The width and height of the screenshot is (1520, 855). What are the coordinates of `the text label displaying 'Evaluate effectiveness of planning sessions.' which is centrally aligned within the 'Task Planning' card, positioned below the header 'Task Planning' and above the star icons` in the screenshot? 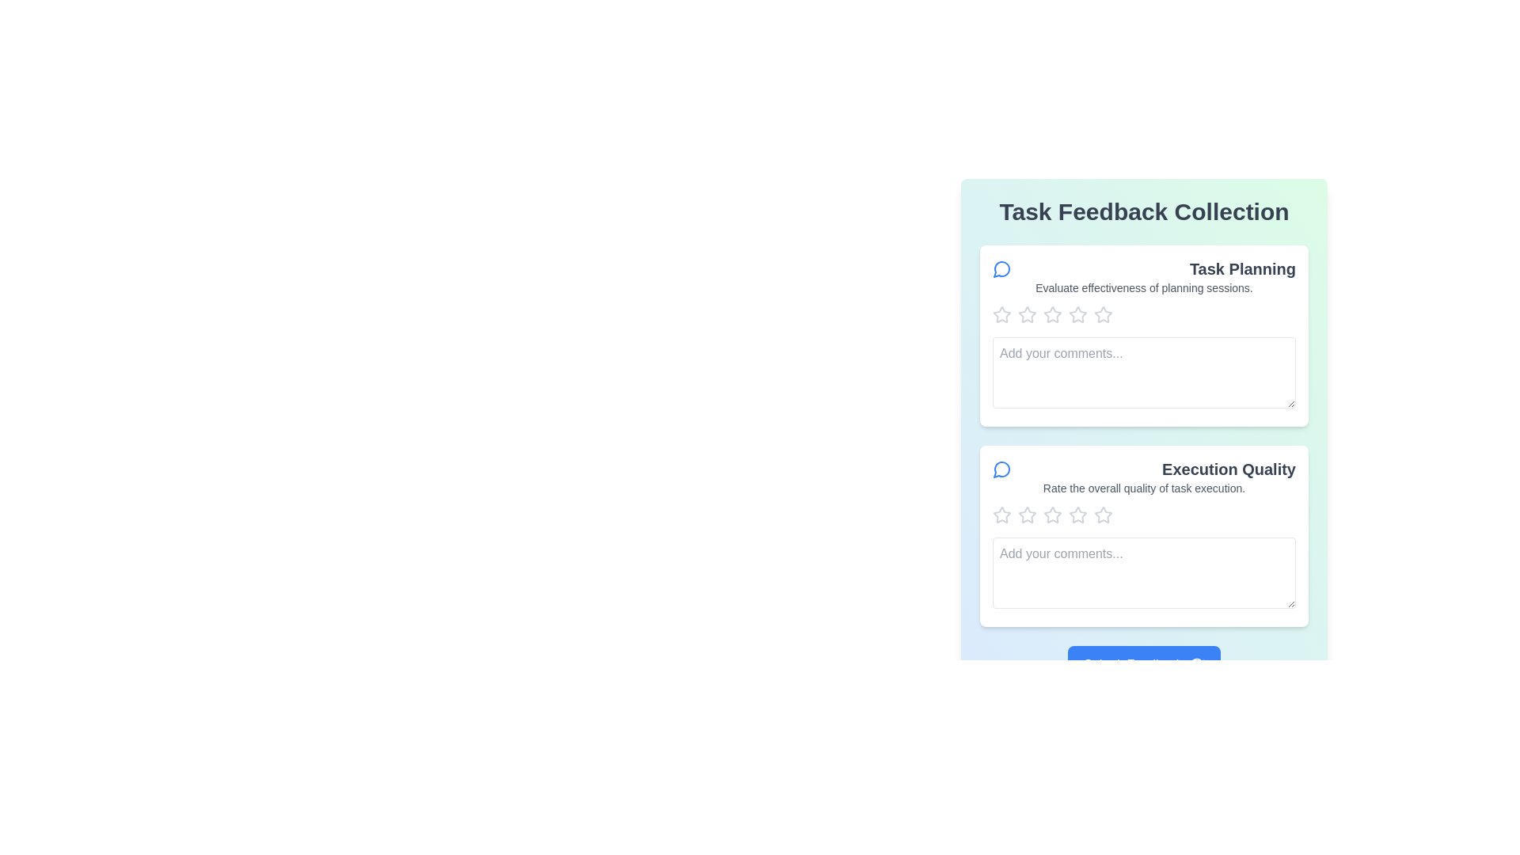 It's located at (1144, 287).